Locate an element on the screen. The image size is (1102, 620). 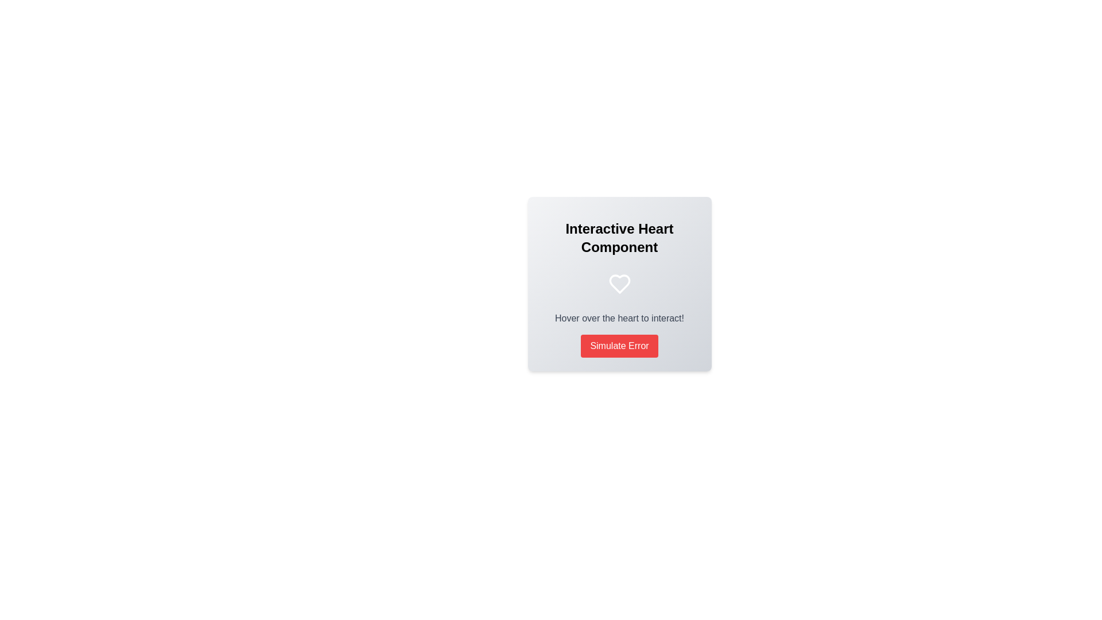
the heart-shaped icon element located between the heading 'Interactive Heart Component' and the button 'Simulate Error' by hovering over it to read the descriptive text is located at coordinates (619, 284).